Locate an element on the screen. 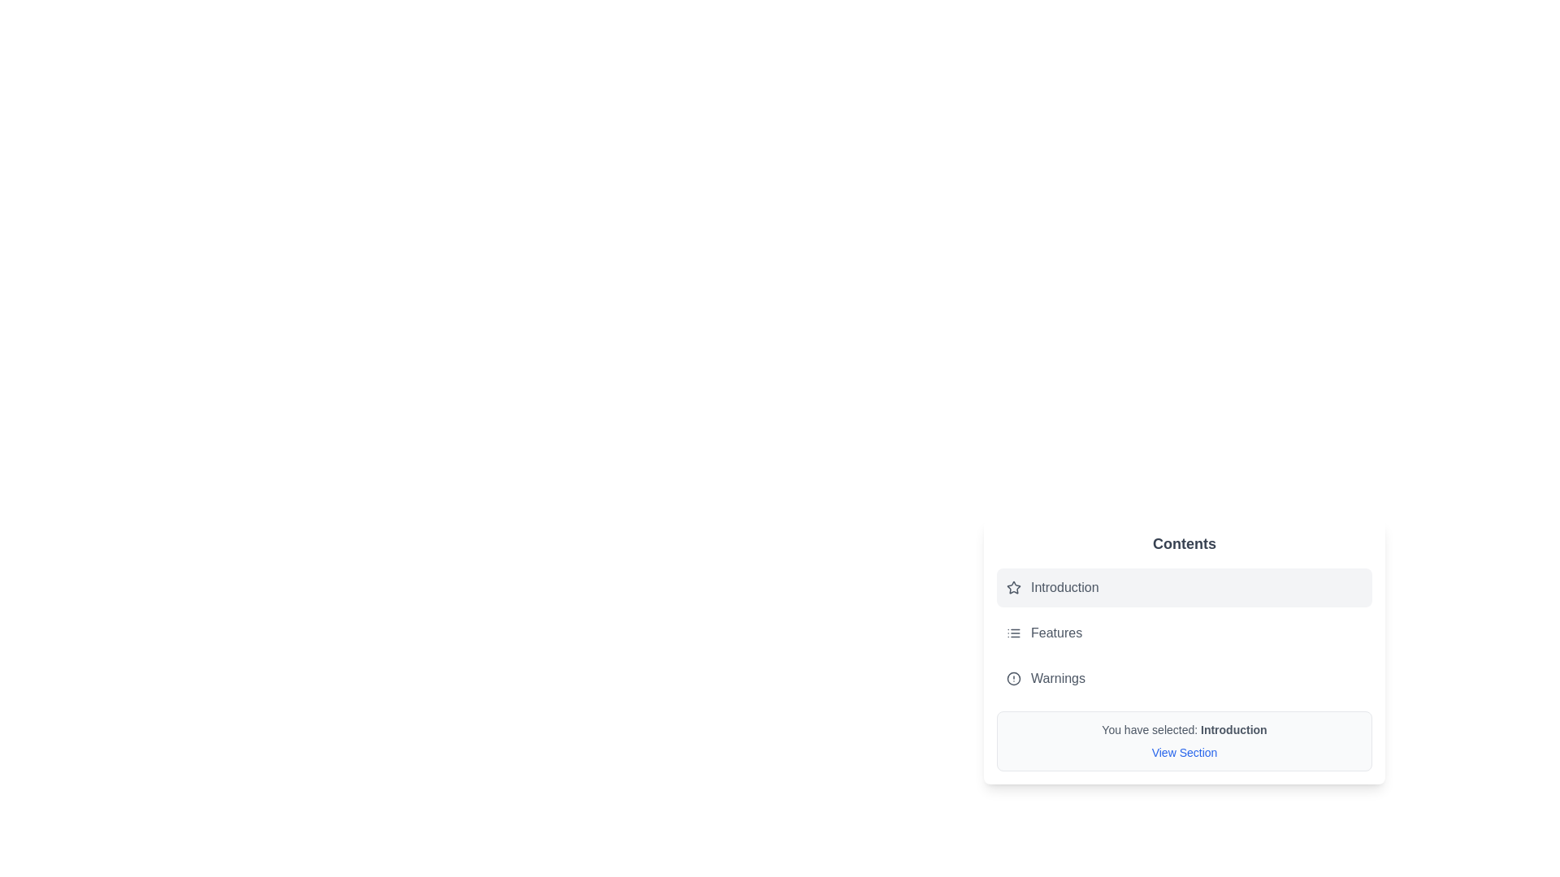  the first item in the navigation menu that allows selection of the 'Introduction' section is located at coordinates (1185, 588).